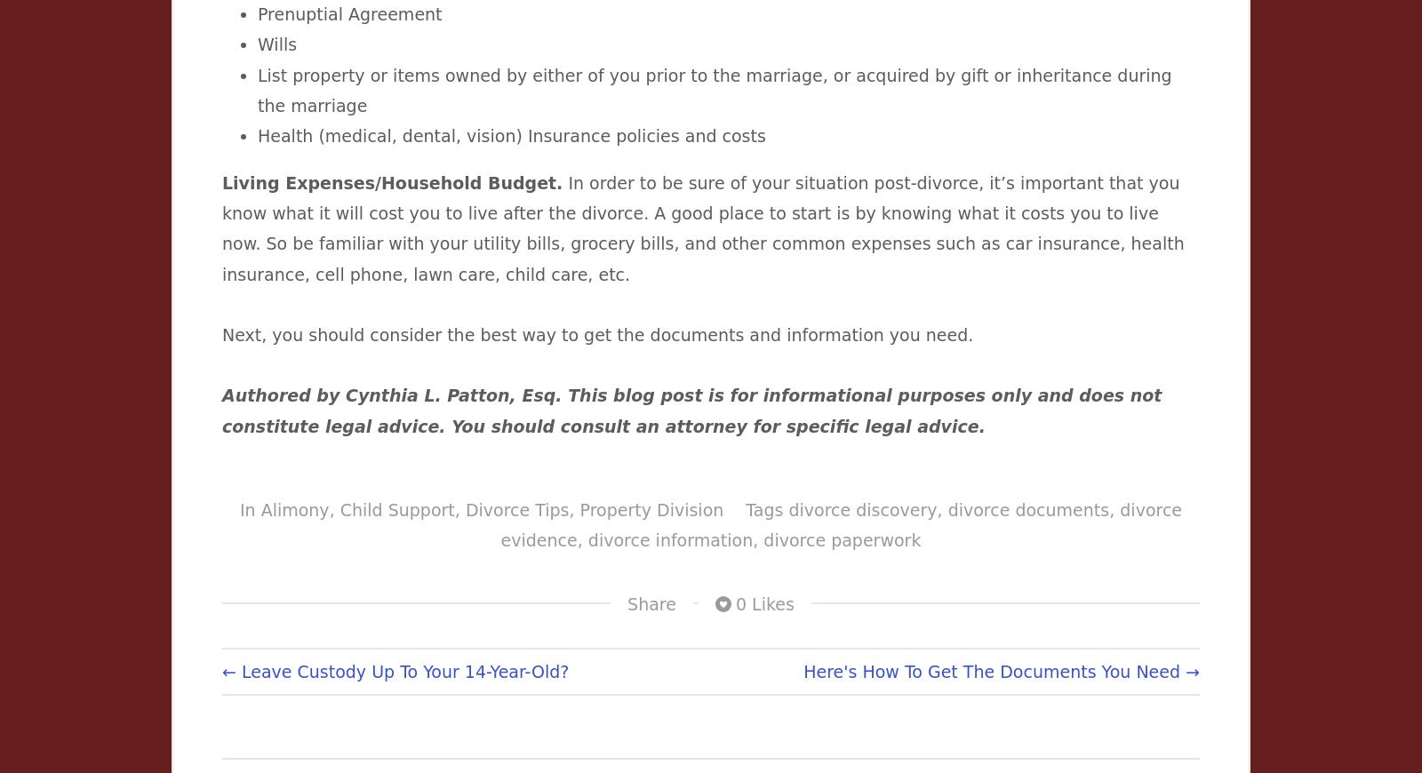  I want to click on 'List property or items owned by either of you prior to the marriage, or acquired by gift or inheritance during the marriage', so click(713, 89).